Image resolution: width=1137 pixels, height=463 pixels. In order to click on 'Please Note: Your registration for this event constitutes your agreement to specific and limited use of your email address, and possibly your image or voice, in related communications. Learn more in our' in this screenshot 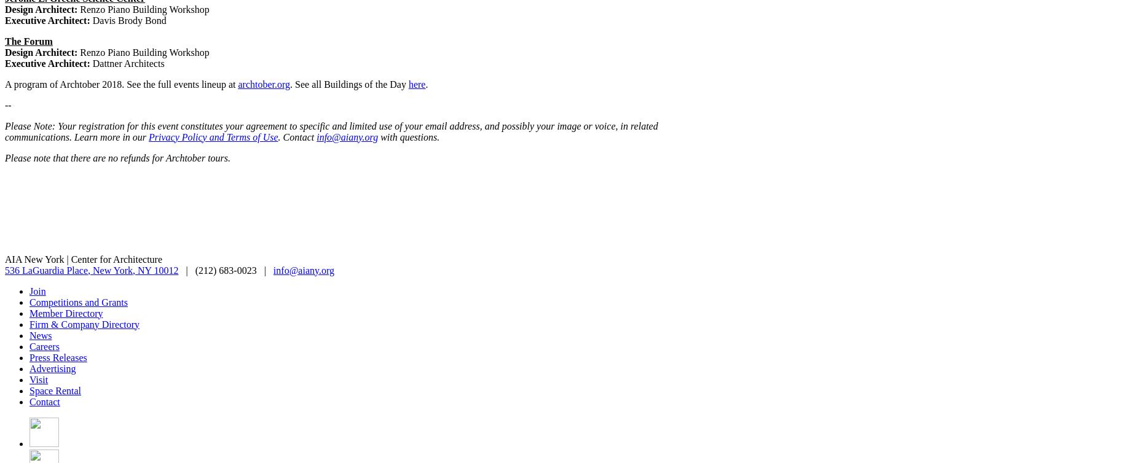, I will do `click(331, 130)`.